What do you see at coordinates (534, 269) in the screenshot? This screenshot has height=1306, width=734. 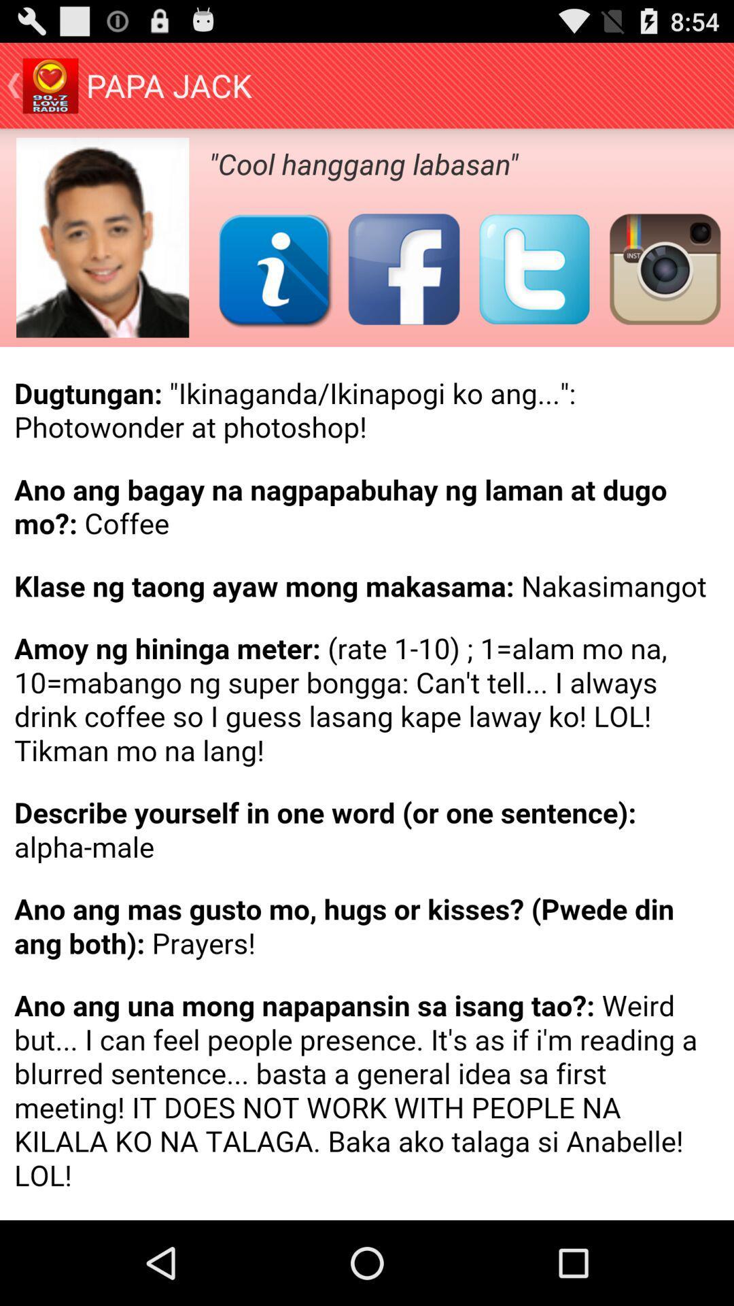 I see `twitter` at bounding box center [534, 269].